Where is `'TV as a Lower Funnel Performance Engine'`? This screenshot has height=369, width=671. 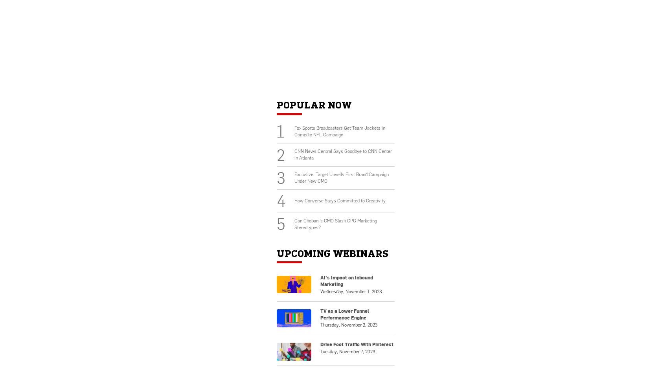
'TV as a Lower Funnel Performance Engine' is located at coordinates (344, 314).